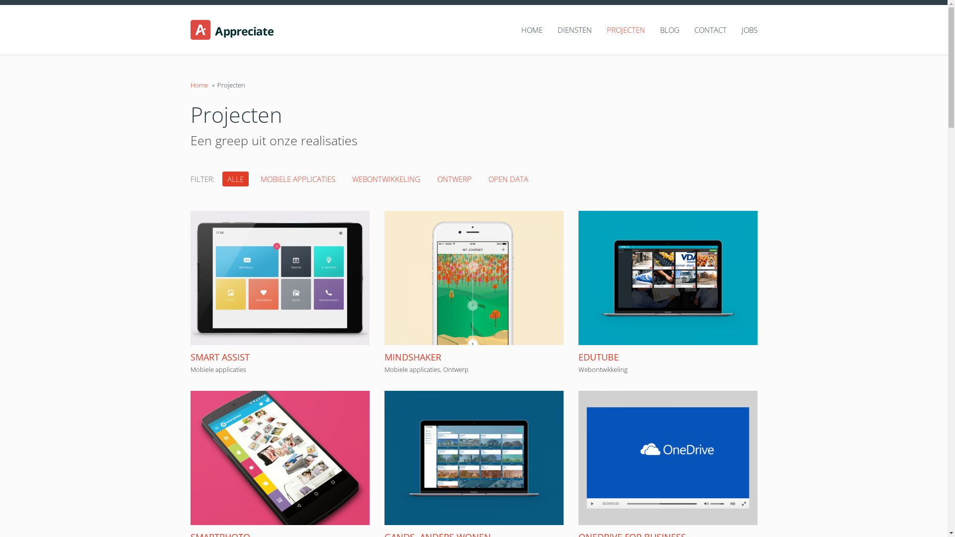 This screenshot has height=537, width=955. I want to click on 'PROJECTEN', so click(618, 29).